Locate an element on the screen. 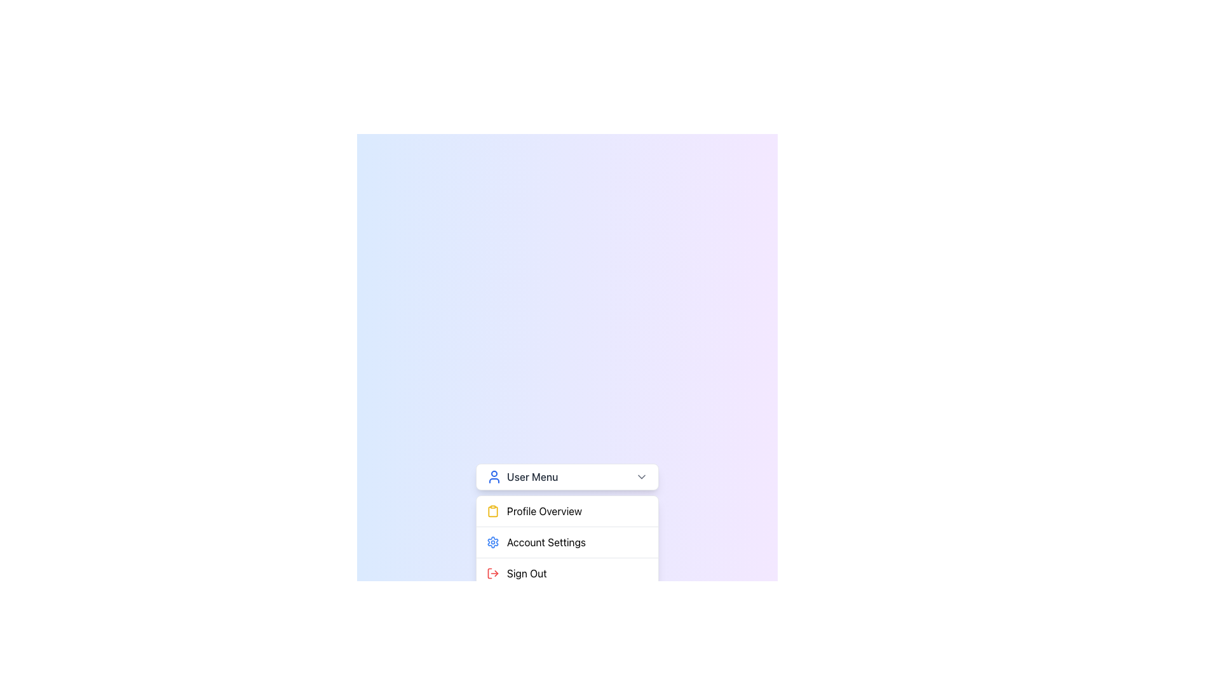 The height and width of the screenshot is (686, 1220). the user icon, which is a blue silhouette of a head and shoulders, located at the upper left corner of the dropdown menu and positioned before the 'User Menu' text is located at coordinates (493, 477).